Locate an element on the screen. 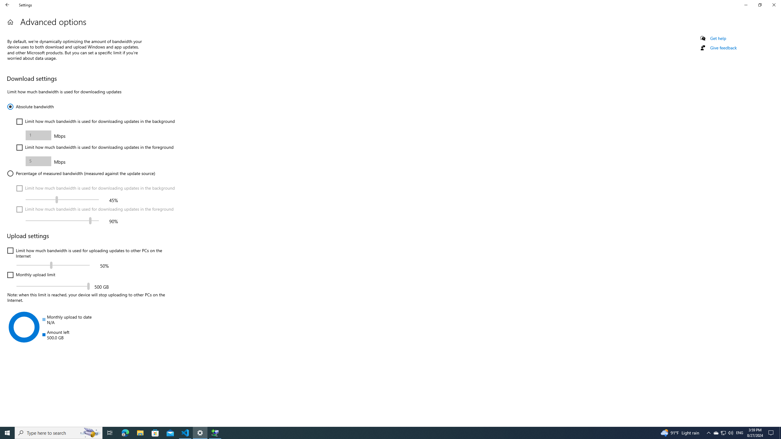 This screenshot has height=439, width=781. 'Monthly upload limit' is located at coordinates (31, 275).